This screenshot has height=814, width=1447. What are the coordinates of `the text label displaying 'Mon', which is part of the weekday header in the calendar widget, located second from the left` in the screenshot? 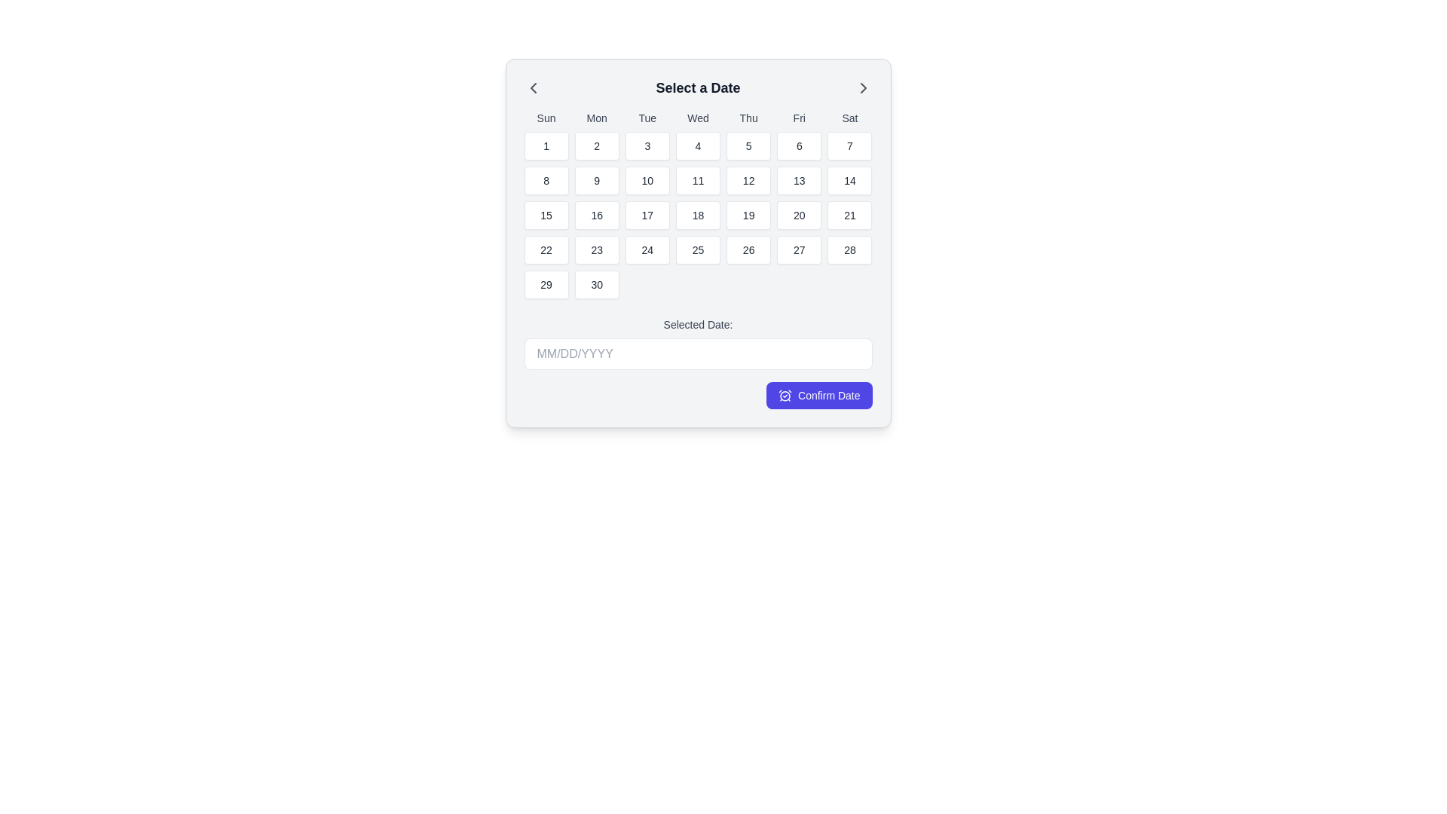 It's located at (596, 118).